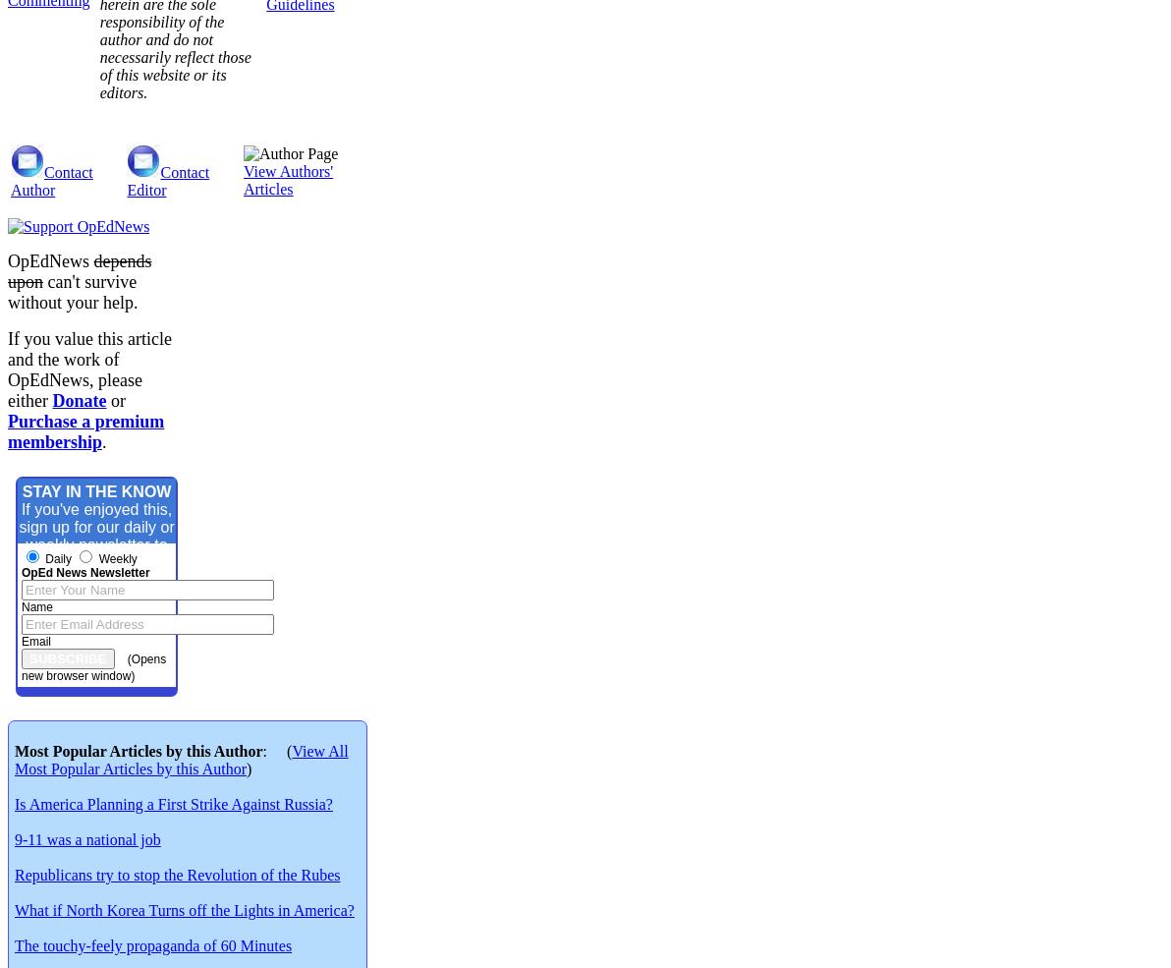 This screenshot has width=1171, height=968. What do you see at coordinates (49, 260) in the screenshot?
I see `'OpEdNews'` at bounding box center [49, 260].